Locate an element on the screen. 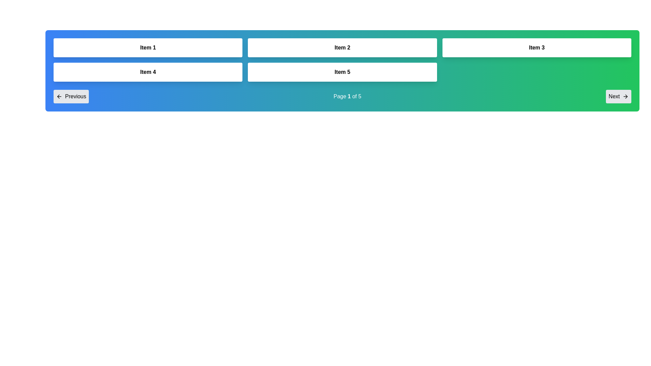 The height and width of the screenshot is (366, 651). the 'Previous' button with a light gray background and rounded corners is located at coordinates (71, 97).